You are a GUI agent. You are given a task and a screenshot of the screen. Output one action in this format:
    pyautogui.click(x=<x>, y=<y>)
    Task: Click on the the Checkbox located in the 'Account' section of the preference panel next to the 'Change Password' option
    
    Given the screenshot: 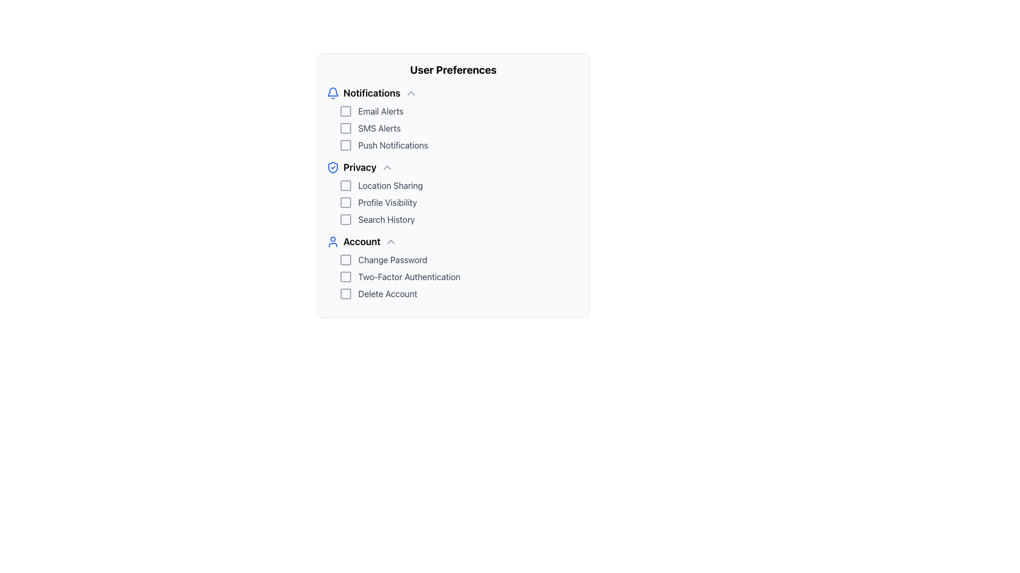 What is the action you would take?
    pyautogui.click(x=345, y=259)
    